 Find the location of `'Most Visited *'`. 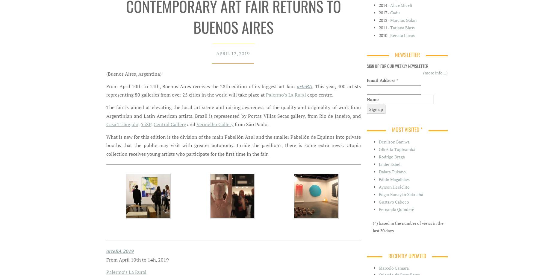

'Most Visited *' is located at coordinates (407, 129).